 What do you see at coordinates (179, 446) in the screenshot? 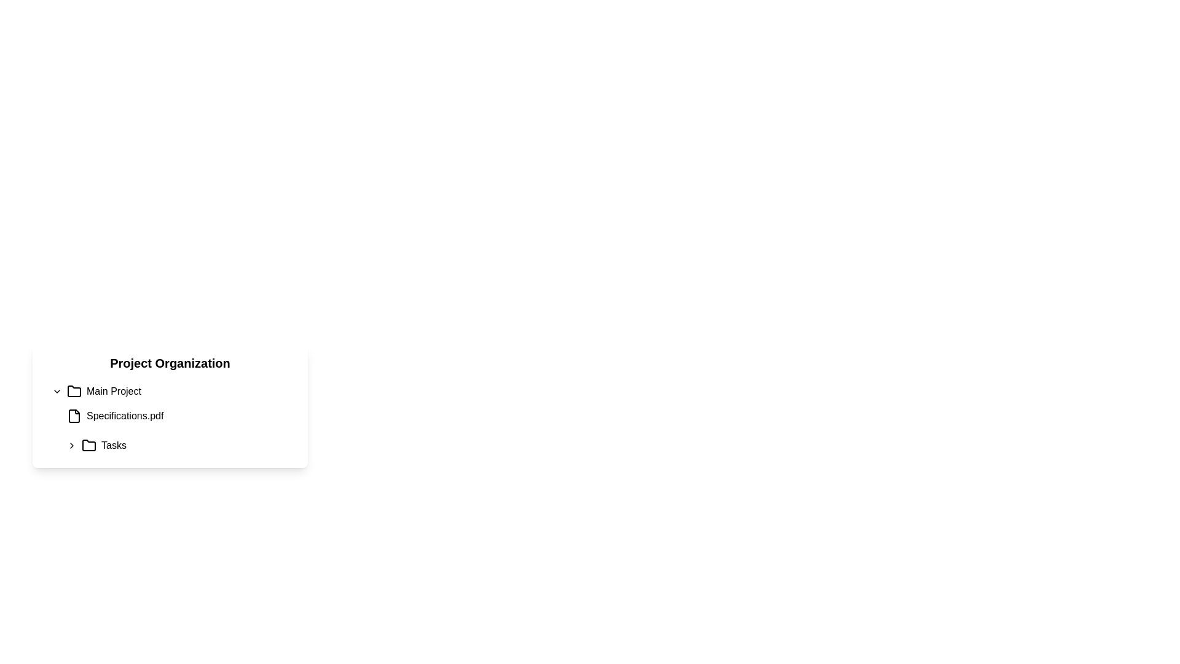
I see `the 'Tasks' folder item in the list under 'Project Organization'` at bounding box center [179, 446].